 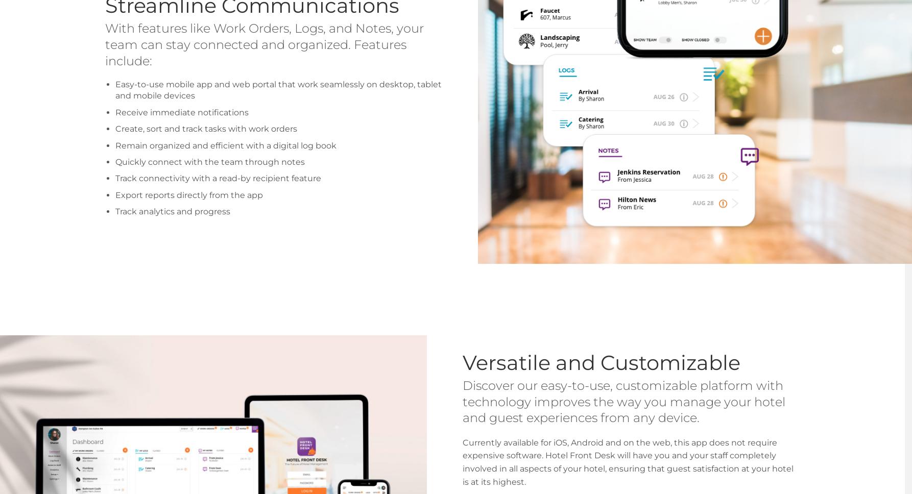 What do you see at coordinates (218, 178) in the screenshot?
I see `'Track connectivity with a read-by recipient feature'` at bounding box center [218, 178].